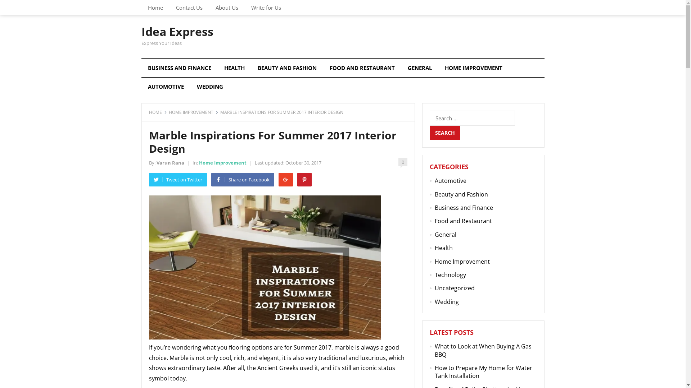 The height and width of the screenshot is (388, 691). Describe the element at coordinates (402, 162) in the screenshot. I see `'0'` at that location.